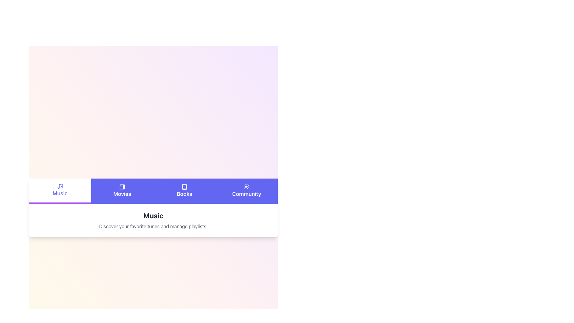 This screenshot has height=323, width=574. I want to click on the first interactive navigation button in the horizontal navigation bar that directs to the 'Music' section, so click(60, 190).